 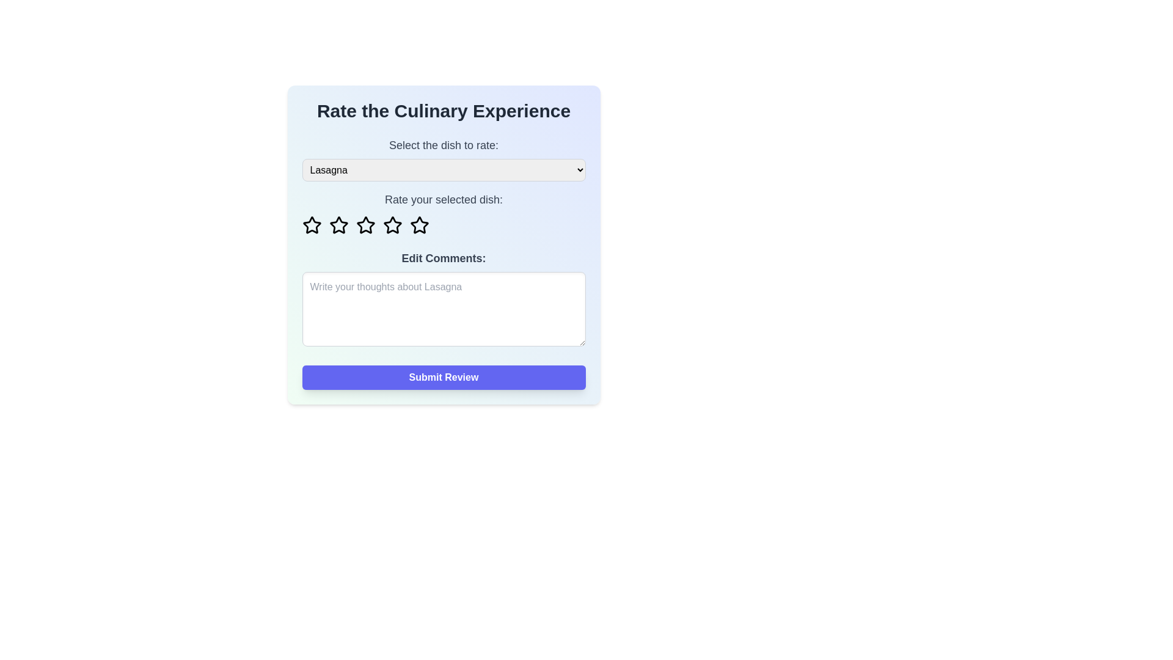 What do you see at coordinates (338, 225) in the screenshot?
I see `the second rating star icon` at bounding box center [338, 225].